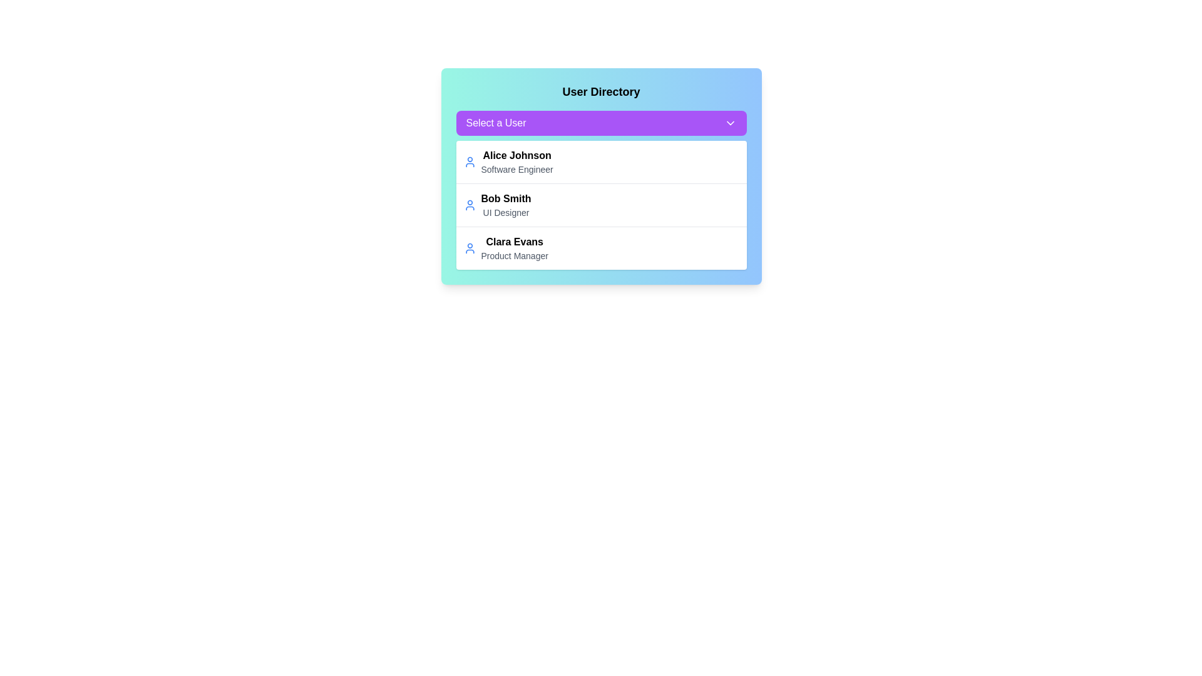  I want to click on the selectable list item representing user details in the first row of the User Directory, so click(508, 161).